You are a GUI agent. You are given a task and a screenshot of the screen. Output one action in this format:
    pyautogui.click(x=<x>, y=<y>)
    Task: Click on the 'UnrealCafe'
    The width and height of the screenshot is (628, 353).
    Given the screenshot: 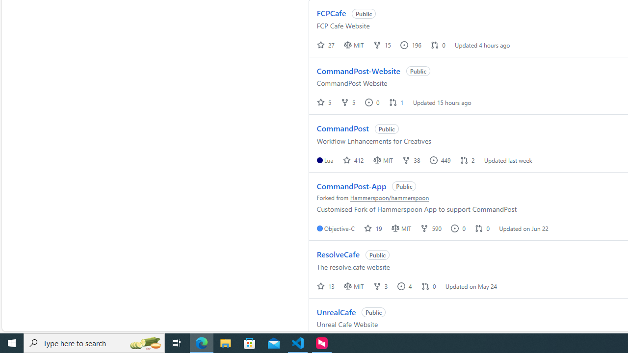 What is the action you would take?
    pyautogui.click(x=336, y=312)
    